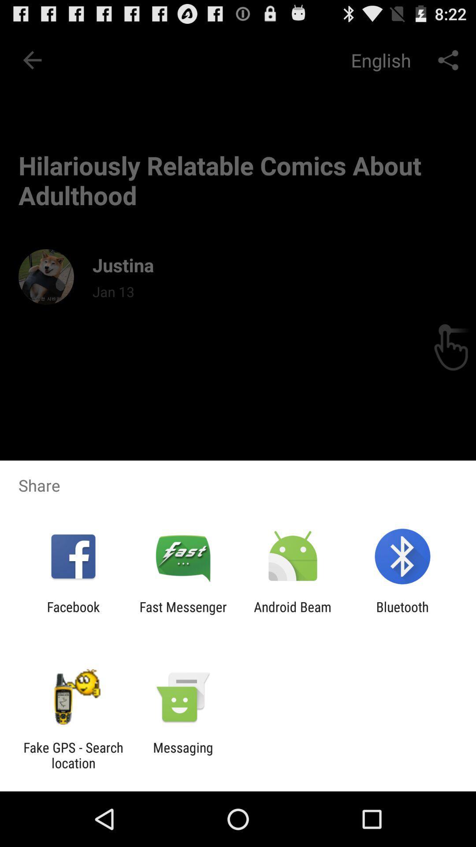  Describe the element at coordinates (402, 614) in the screenshot. I see `the app at the bottom right corner` at that location.